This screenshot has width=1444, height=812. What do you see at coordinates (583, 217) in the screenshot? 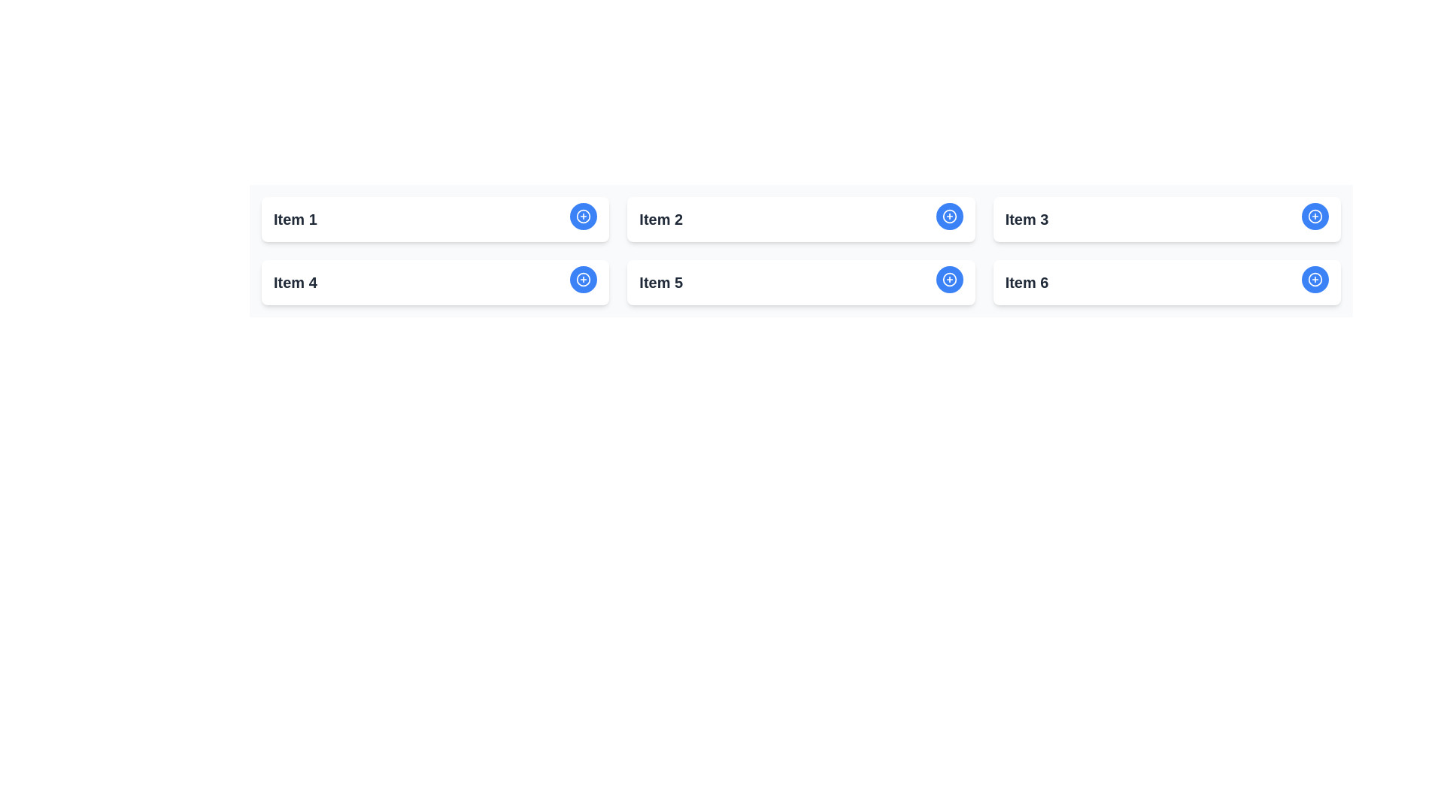
I see `the central circular component of the '+' icon button located in the top-left item slot of the grid layout` at bounding box center [583, 217].